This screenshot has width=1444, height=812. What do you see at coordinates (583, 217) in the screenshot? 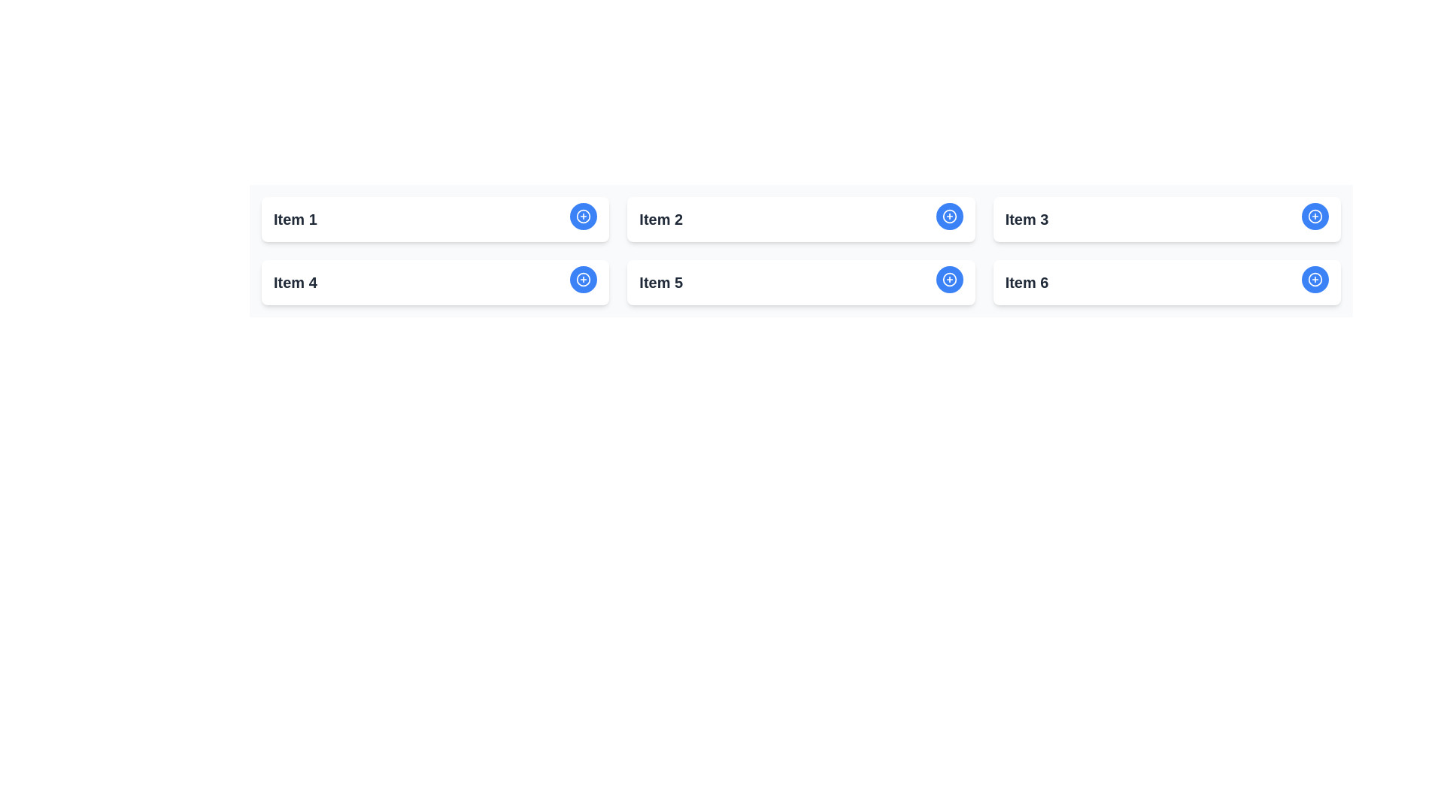
I see `the central circular component of the '+' icon button located in the top-left item slot of the grid layout` at bounding box center [583, 217].